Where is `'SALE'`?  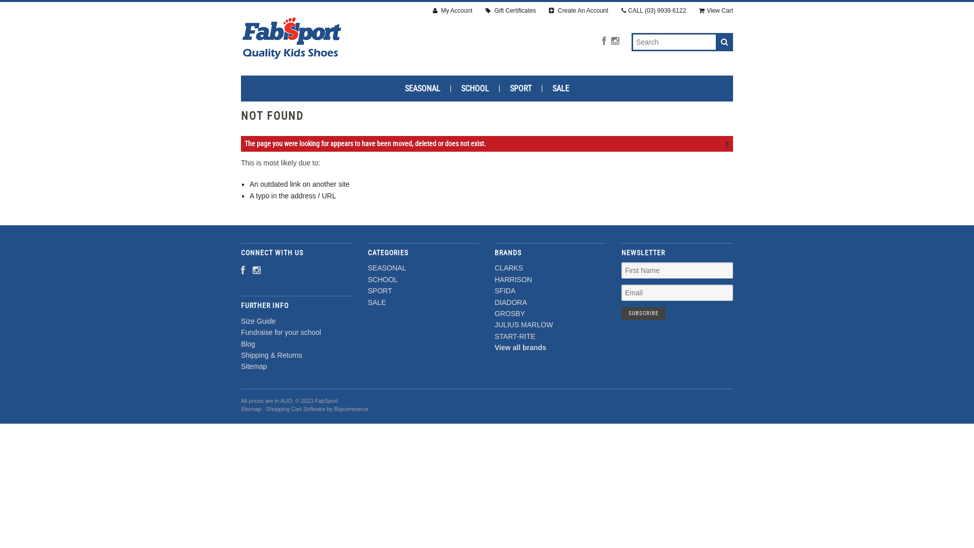
'SALE' is located at coordinates (376, 302).